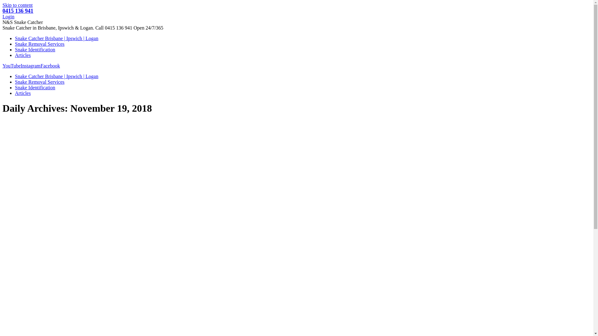  What do you see at coordinates (18, 11) in the screenshot?
I see `'0415 136 941'` at bounding box center [18, 11].